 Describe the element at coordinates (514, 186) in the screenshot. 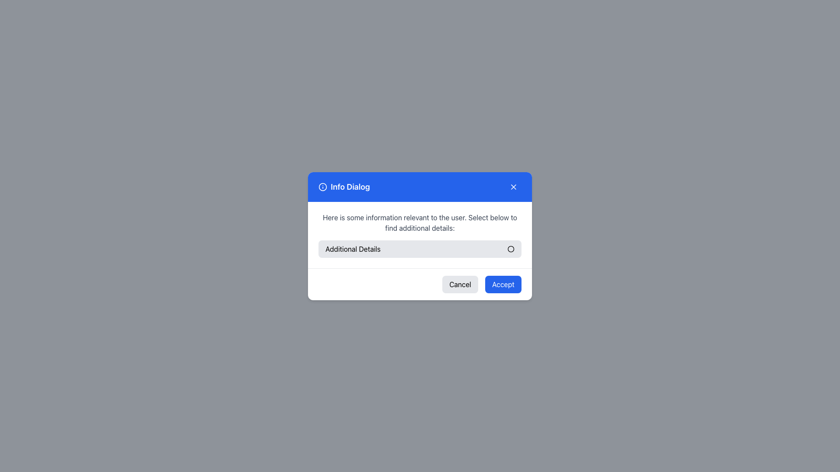

I see `the custom vector graphic 'X' icon in the top-right corner of the 'Info Dialog' modal to trigger a visual indicator` at that location.